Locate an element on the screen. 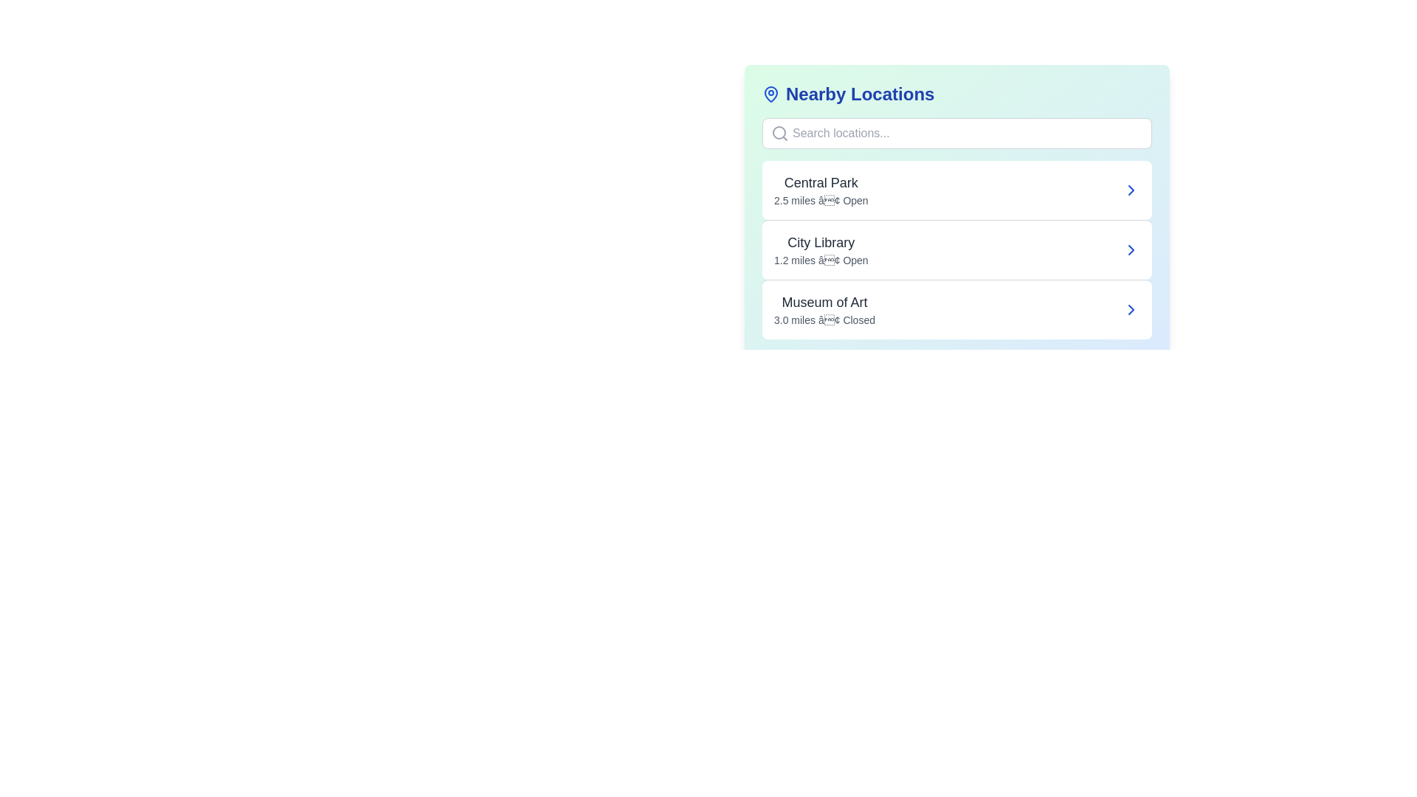  the magnifying glass icon located on the left side of the search input box within the 'Search locations...' component is located at coordinates (779, 134).